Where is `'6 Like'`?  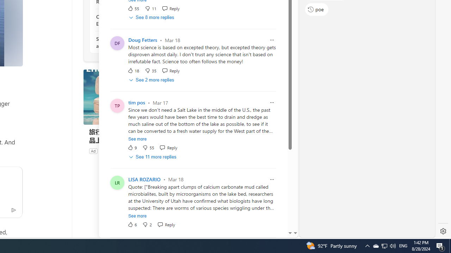 '6 Like' is located at coordinates (132, 224).